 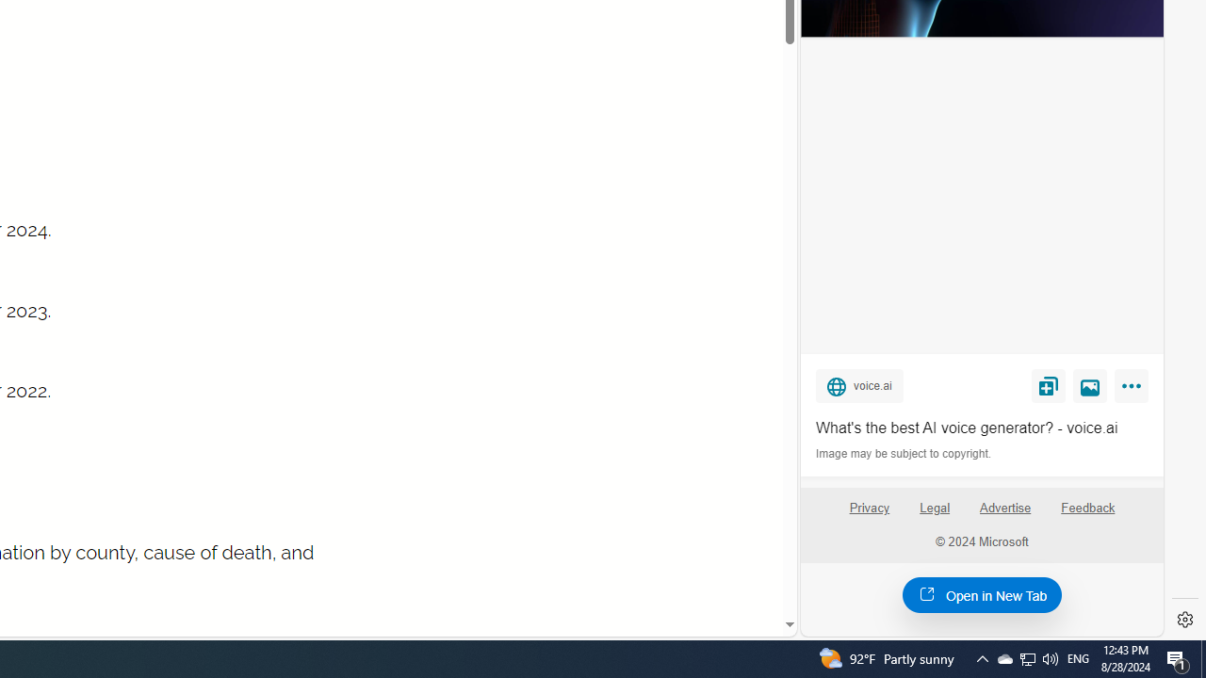 What do you see at coordinates (858, 384) in the screenshot?
I see `'voice.ai'` at bounding box center [858, 384].